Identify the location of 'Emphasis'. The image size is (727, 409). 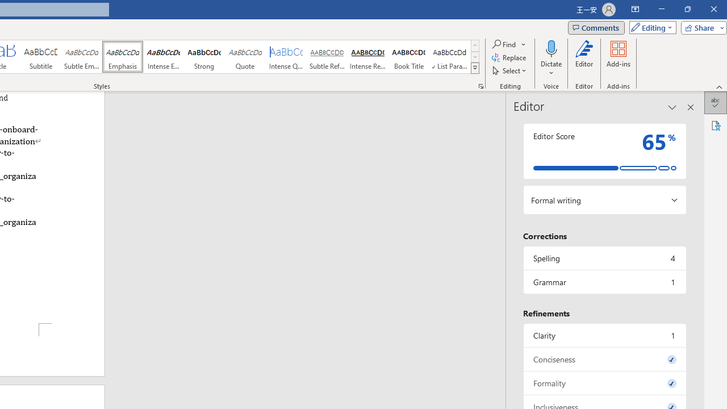
(123, 57).